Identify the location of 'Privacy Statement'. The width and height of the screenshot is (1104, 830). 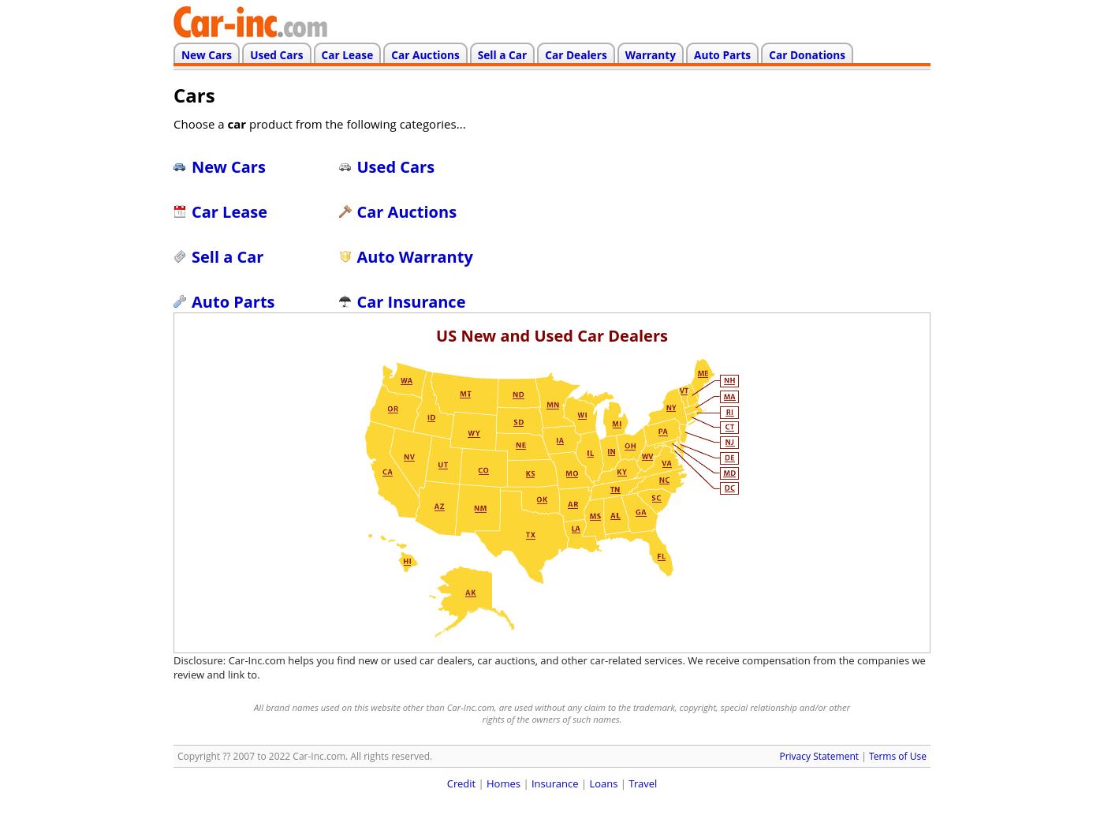
(819, 755).